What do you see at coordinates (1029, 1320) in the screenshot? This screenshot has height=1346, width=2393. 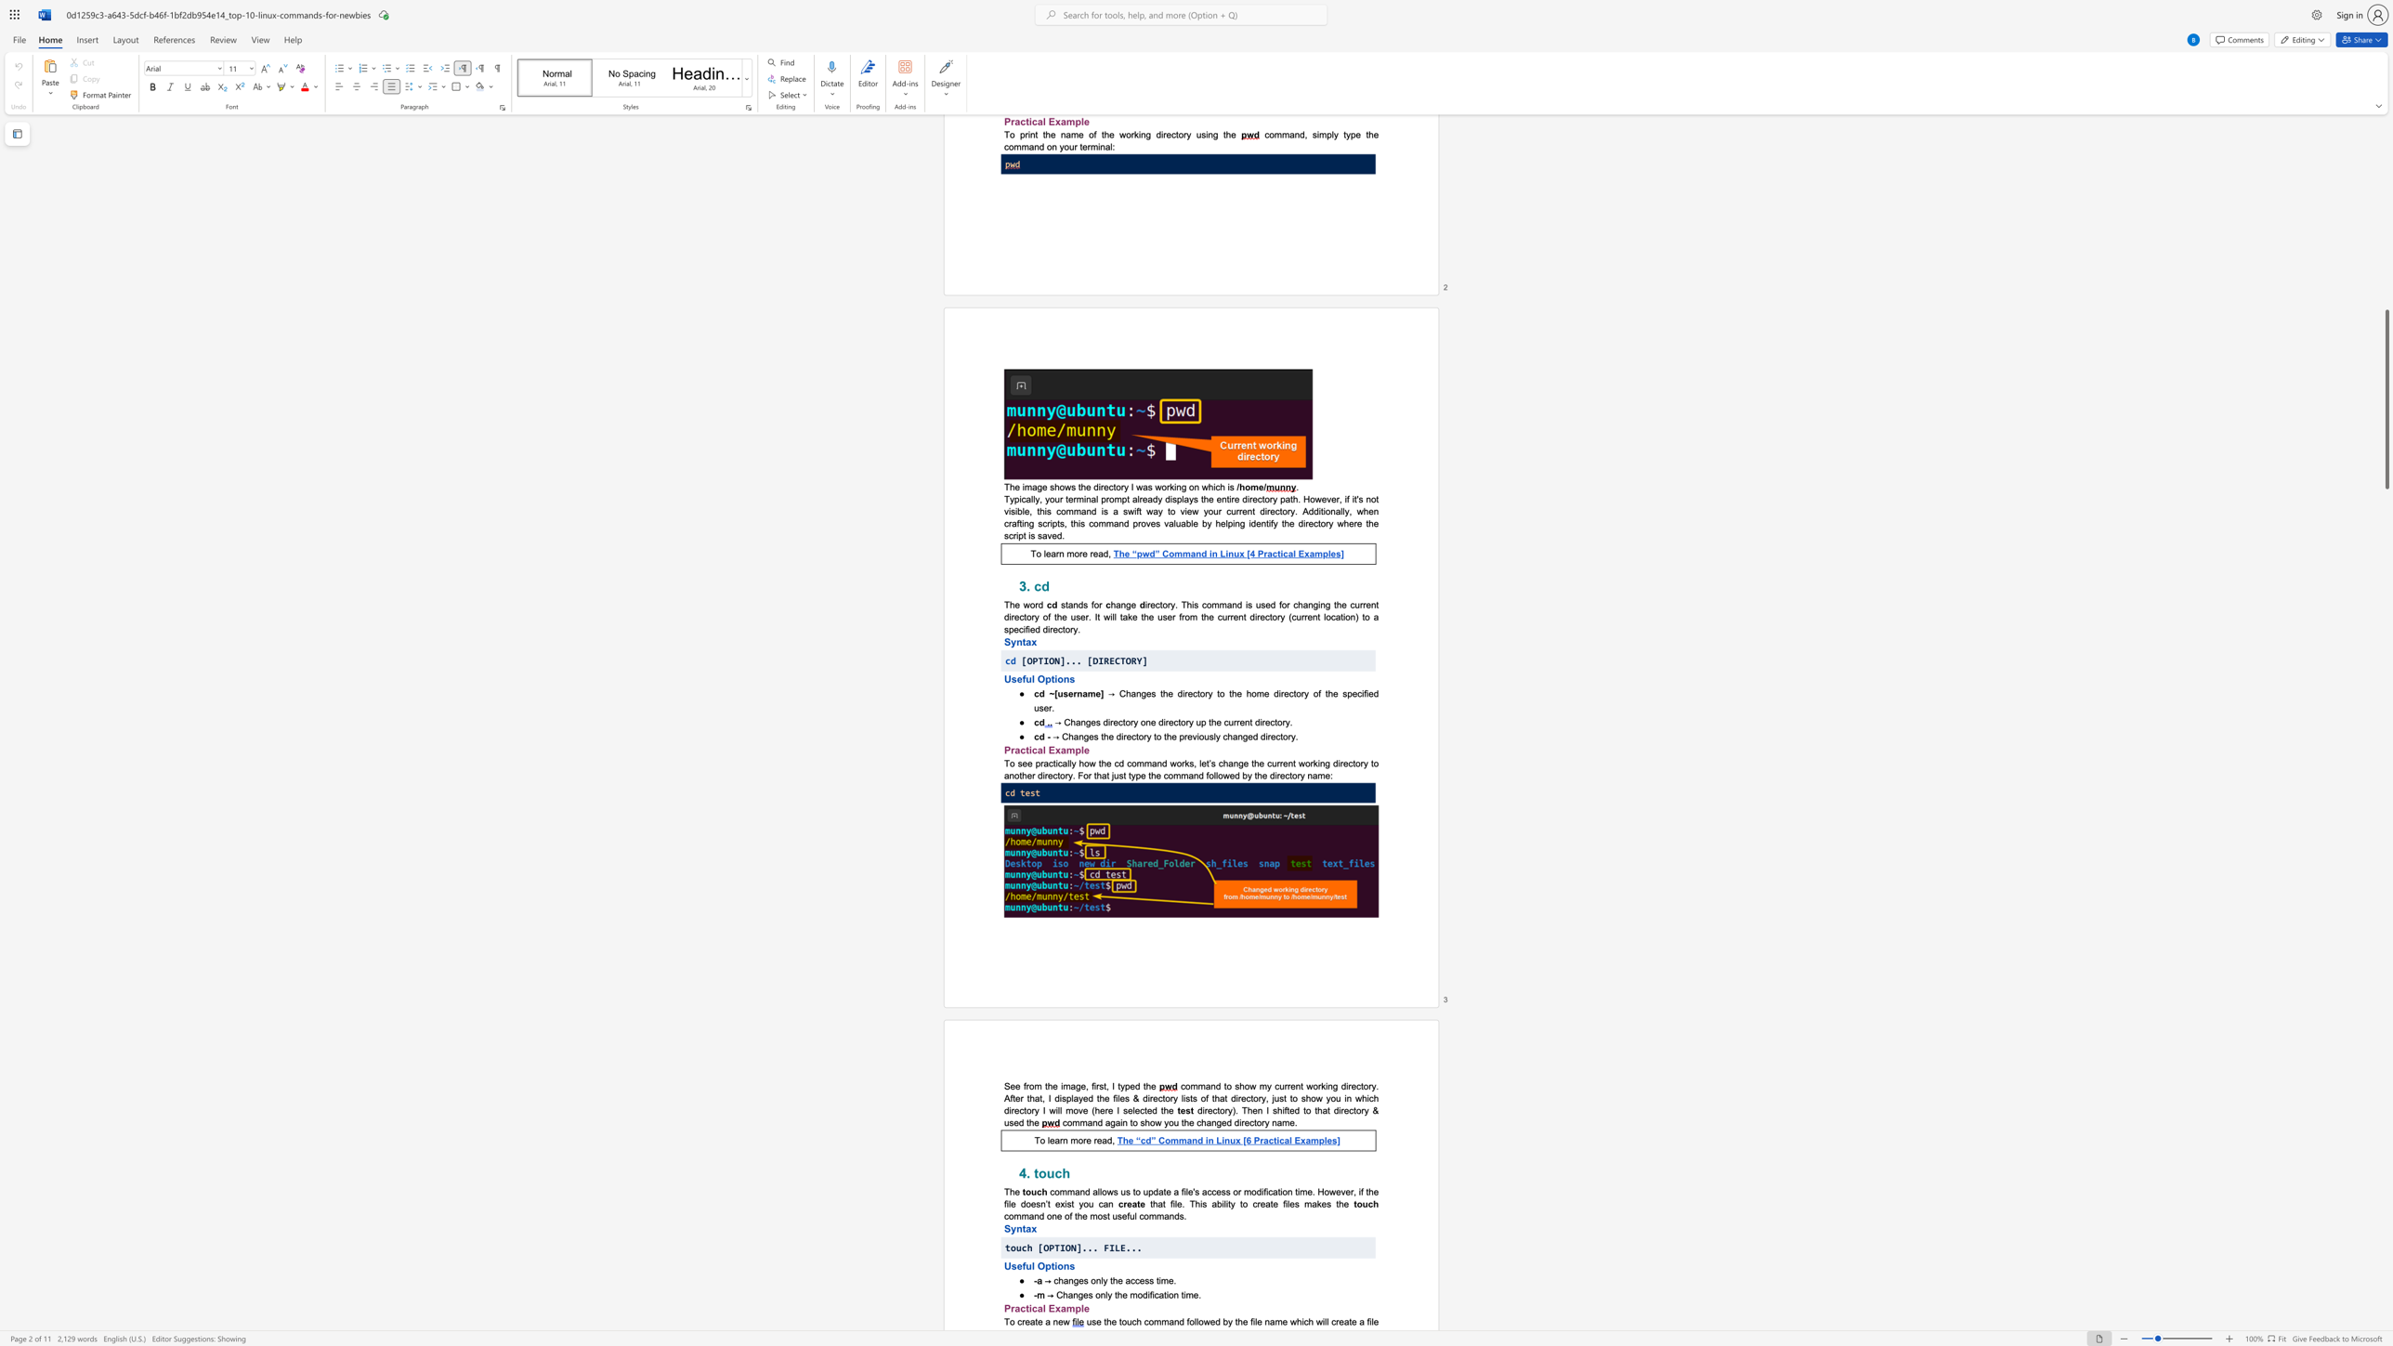 I see `the subset text "at" within the text "To create a new"` at bounding box center [1029, 1320].